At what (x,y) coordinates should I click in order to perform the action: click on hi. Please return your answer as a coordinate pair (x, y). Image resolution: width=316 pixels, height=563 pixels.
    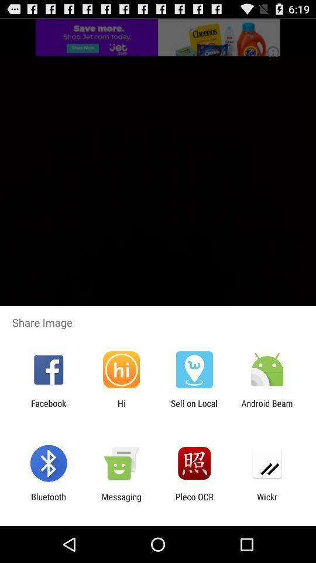
    Looking at the image, I should click on (121, 408).